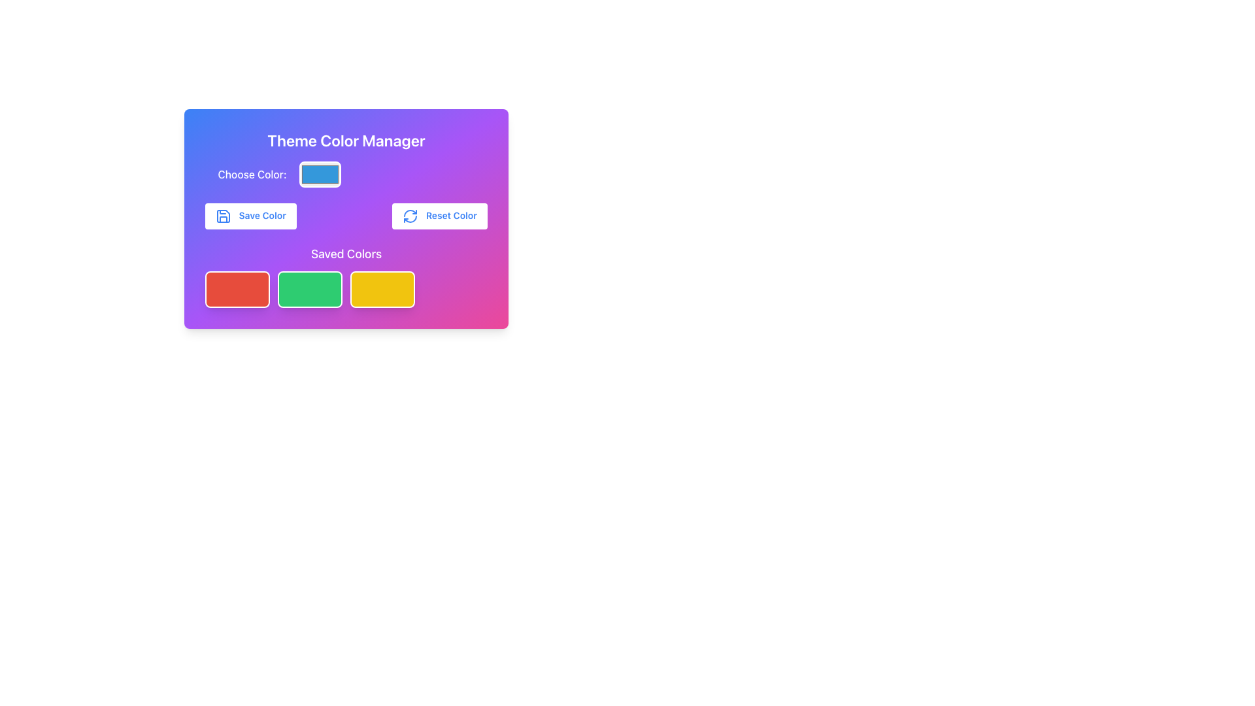 The image size is (1255, 706). Describe the element at coordinates (410, 216) in the screenshot. I see `the circular, arrow-like icon inside the 'Reset Color' button` at that location.